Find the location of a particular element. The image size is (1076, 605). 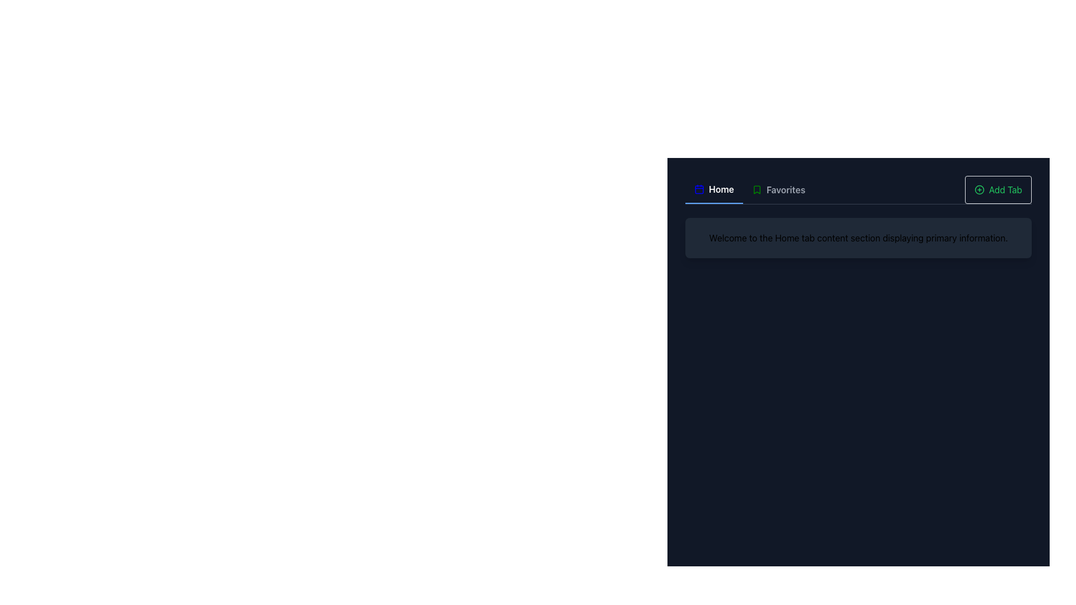

the leftmost icon of the 'Add Tab' button to interact with it and add a new tab is located at coordinates (978, 189).